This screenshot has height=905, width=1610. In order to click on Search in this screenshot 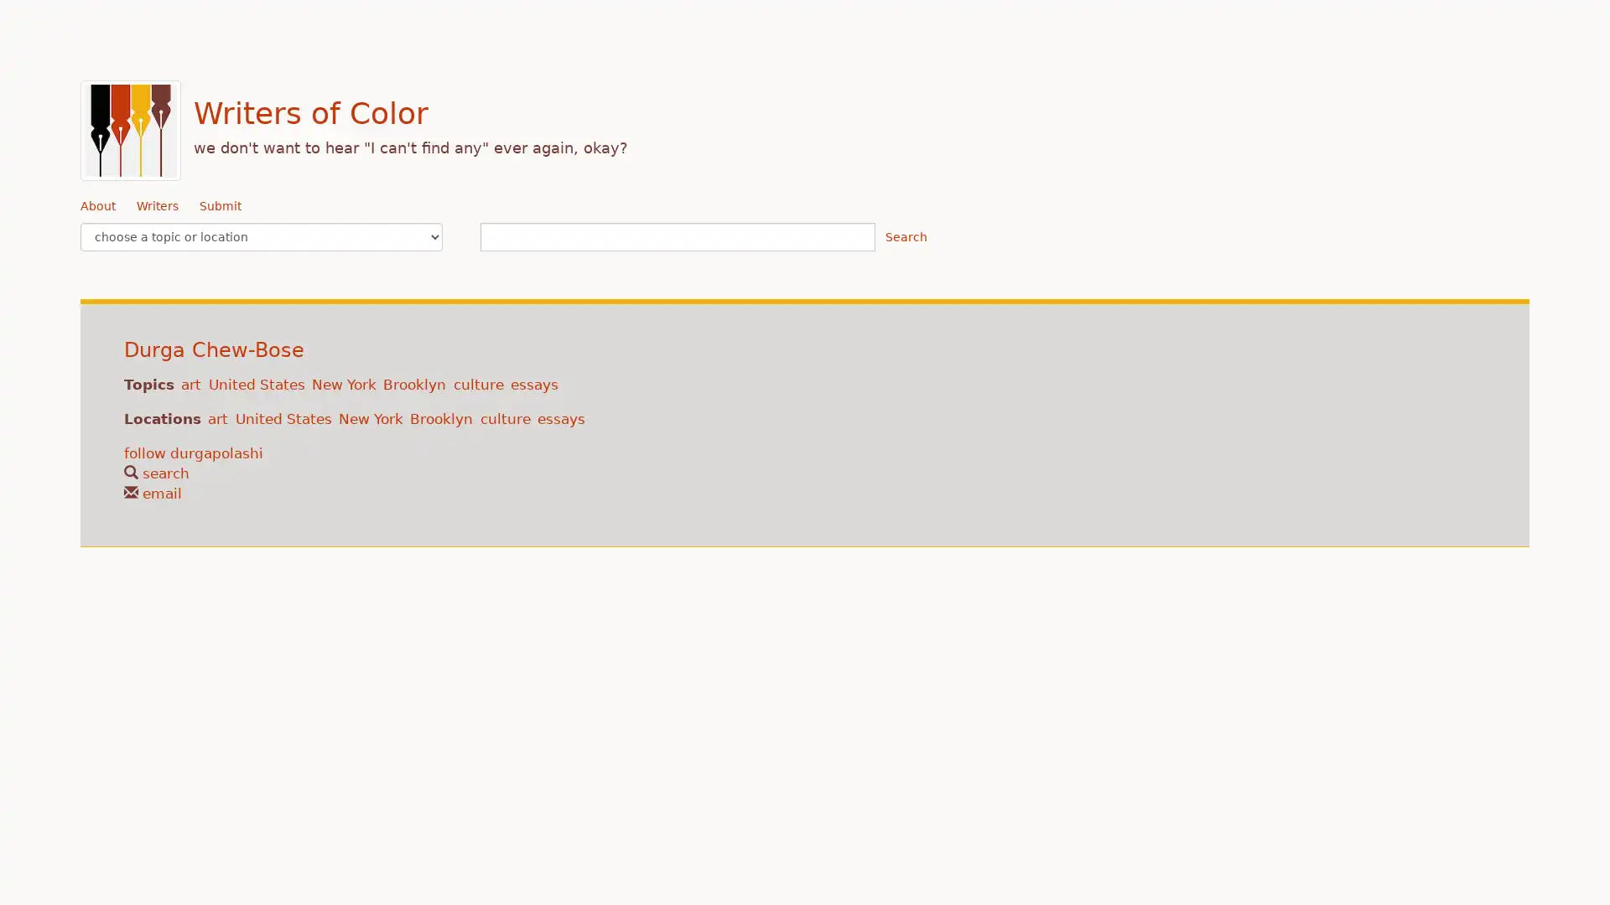, I will do `click(905, 236)`.